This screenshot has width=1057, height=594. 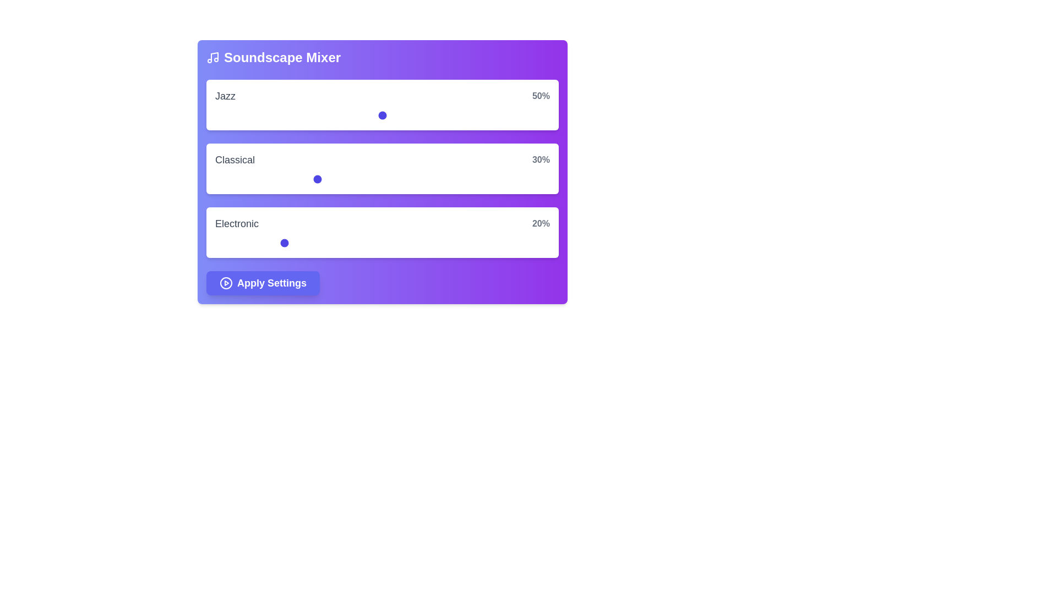 What do you see at coordinates (263, 283) in the screenshot?
I see `'Apply Settings' button to apply the soundscape settings` at bounding box center [263, 283].